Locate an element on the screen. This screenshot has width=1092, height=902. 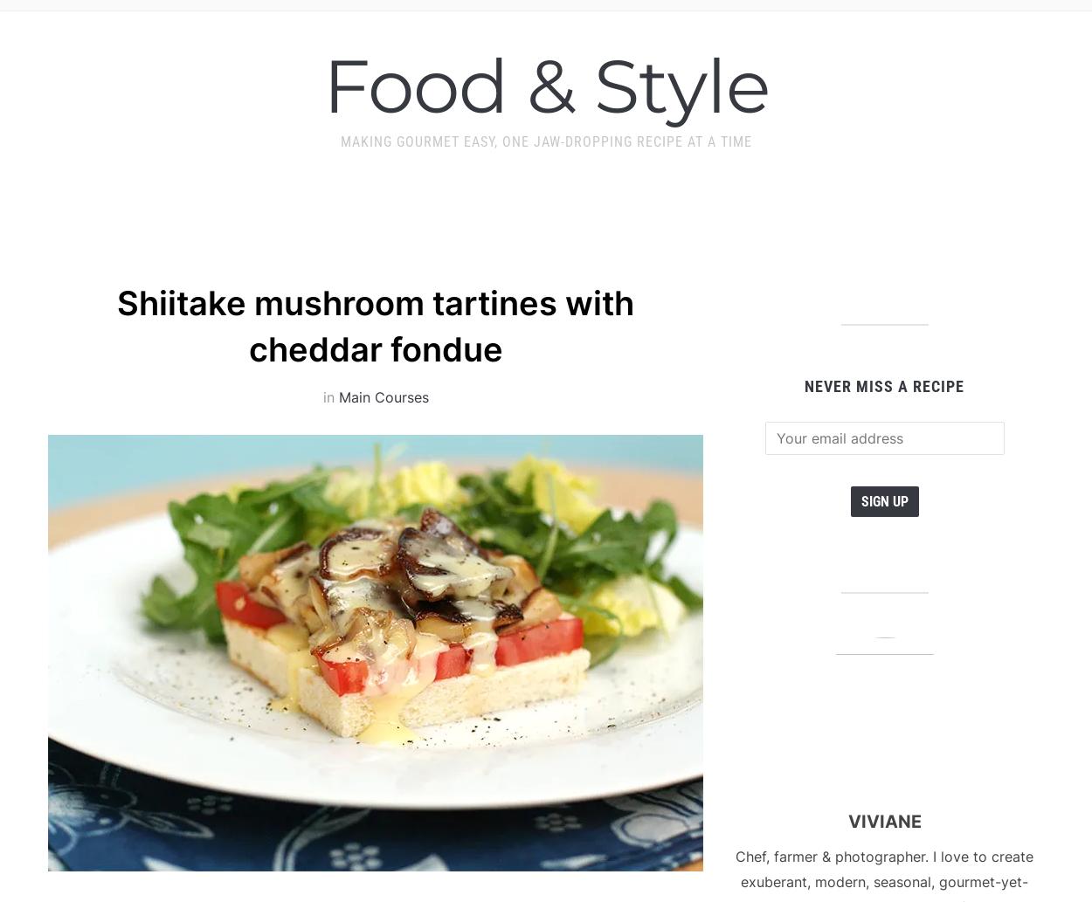
'Home' is located at coordinates (268, 29).